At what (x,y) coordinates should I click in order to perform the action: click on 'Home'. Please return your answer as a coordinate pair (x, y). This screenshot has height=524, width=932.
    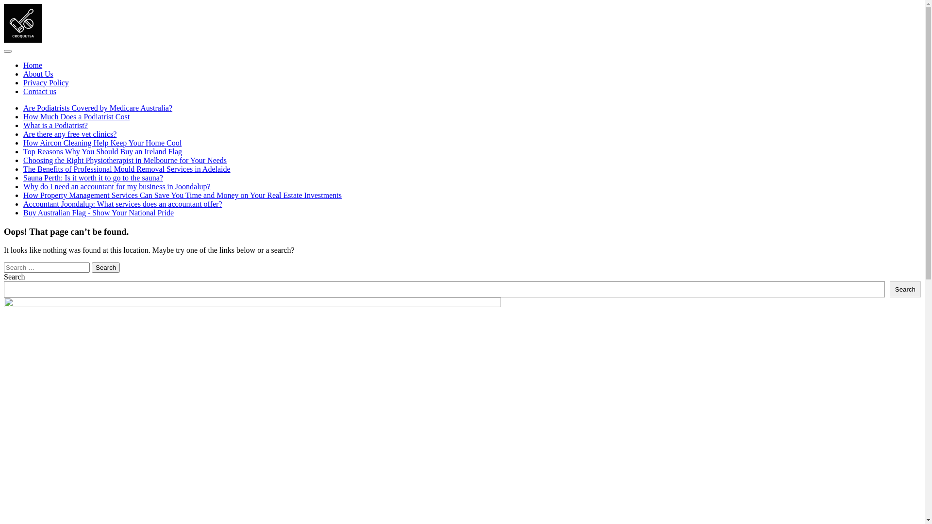
    Looking at the image, I should click on (33, 65).